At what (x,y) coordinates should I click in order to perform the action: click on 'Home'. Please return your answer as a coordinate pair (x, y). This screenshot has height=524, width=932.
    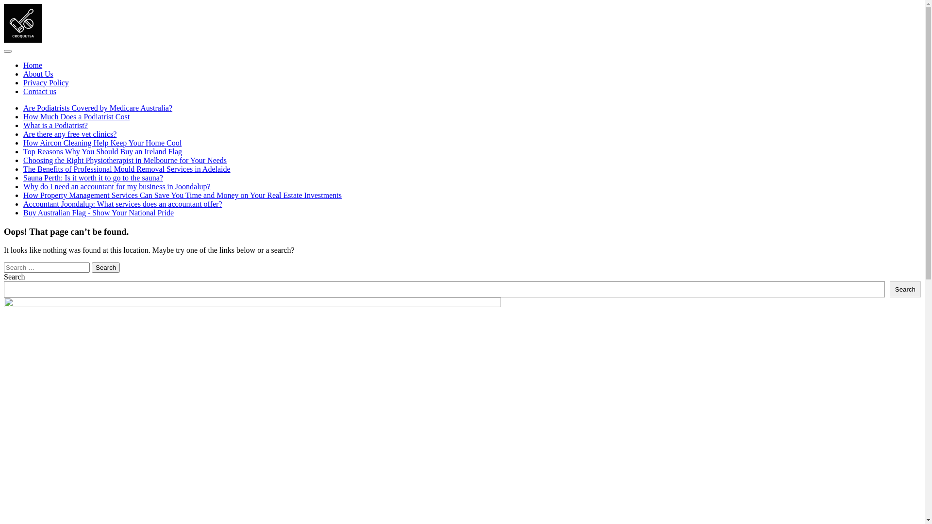
    Looking at the image, I should click on (33, 65).